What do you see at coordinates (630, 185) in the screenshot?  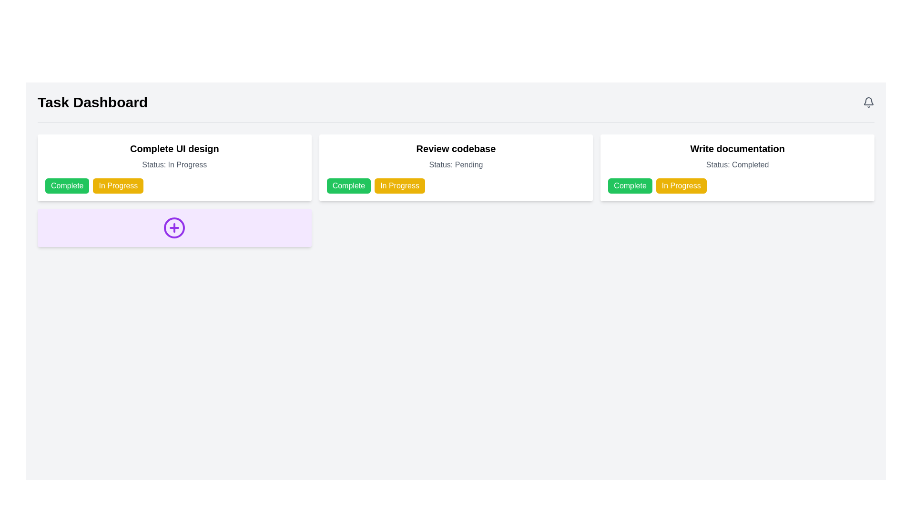 I see `the leftmost button under the 'Write documentation' card in the task dashboard to mark the associated task as completed` at bounding box center [630, 185].